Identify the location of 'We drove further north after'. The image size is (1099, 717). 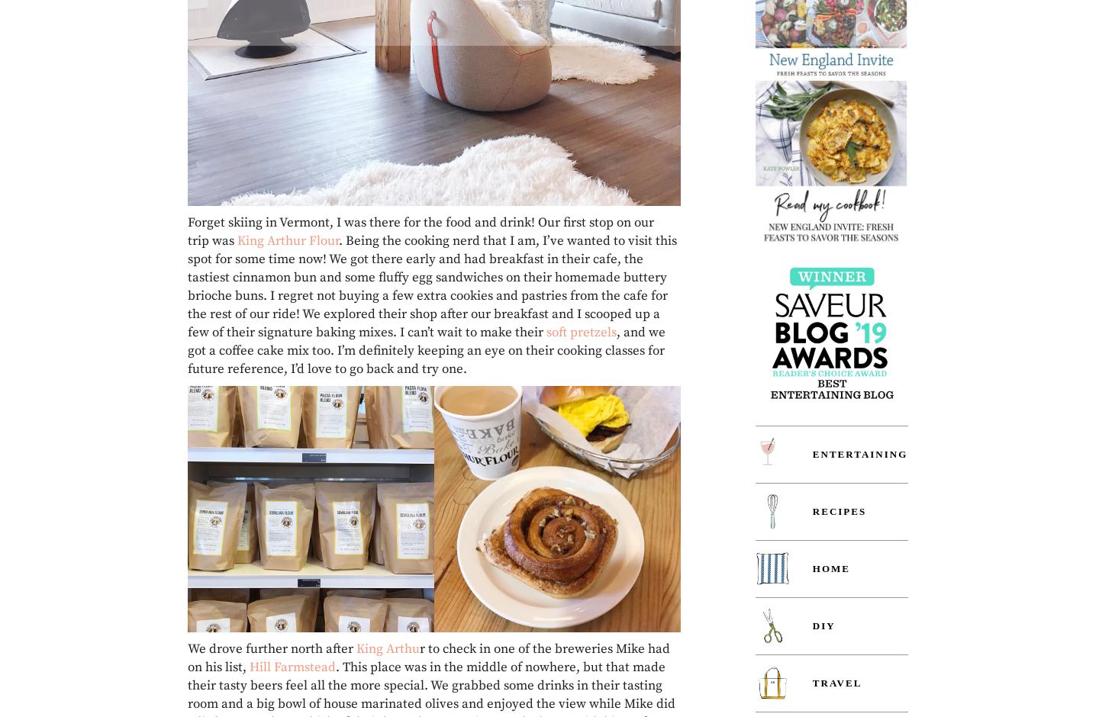
(272, 648).